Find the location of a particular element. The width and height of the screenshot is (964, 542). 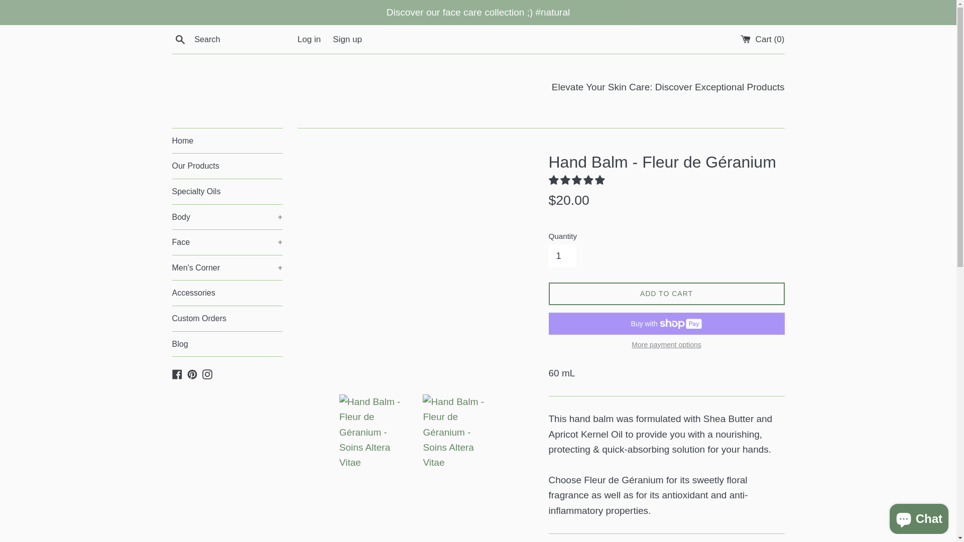

'Specialty Oils' is located at coordinates (226, 191).